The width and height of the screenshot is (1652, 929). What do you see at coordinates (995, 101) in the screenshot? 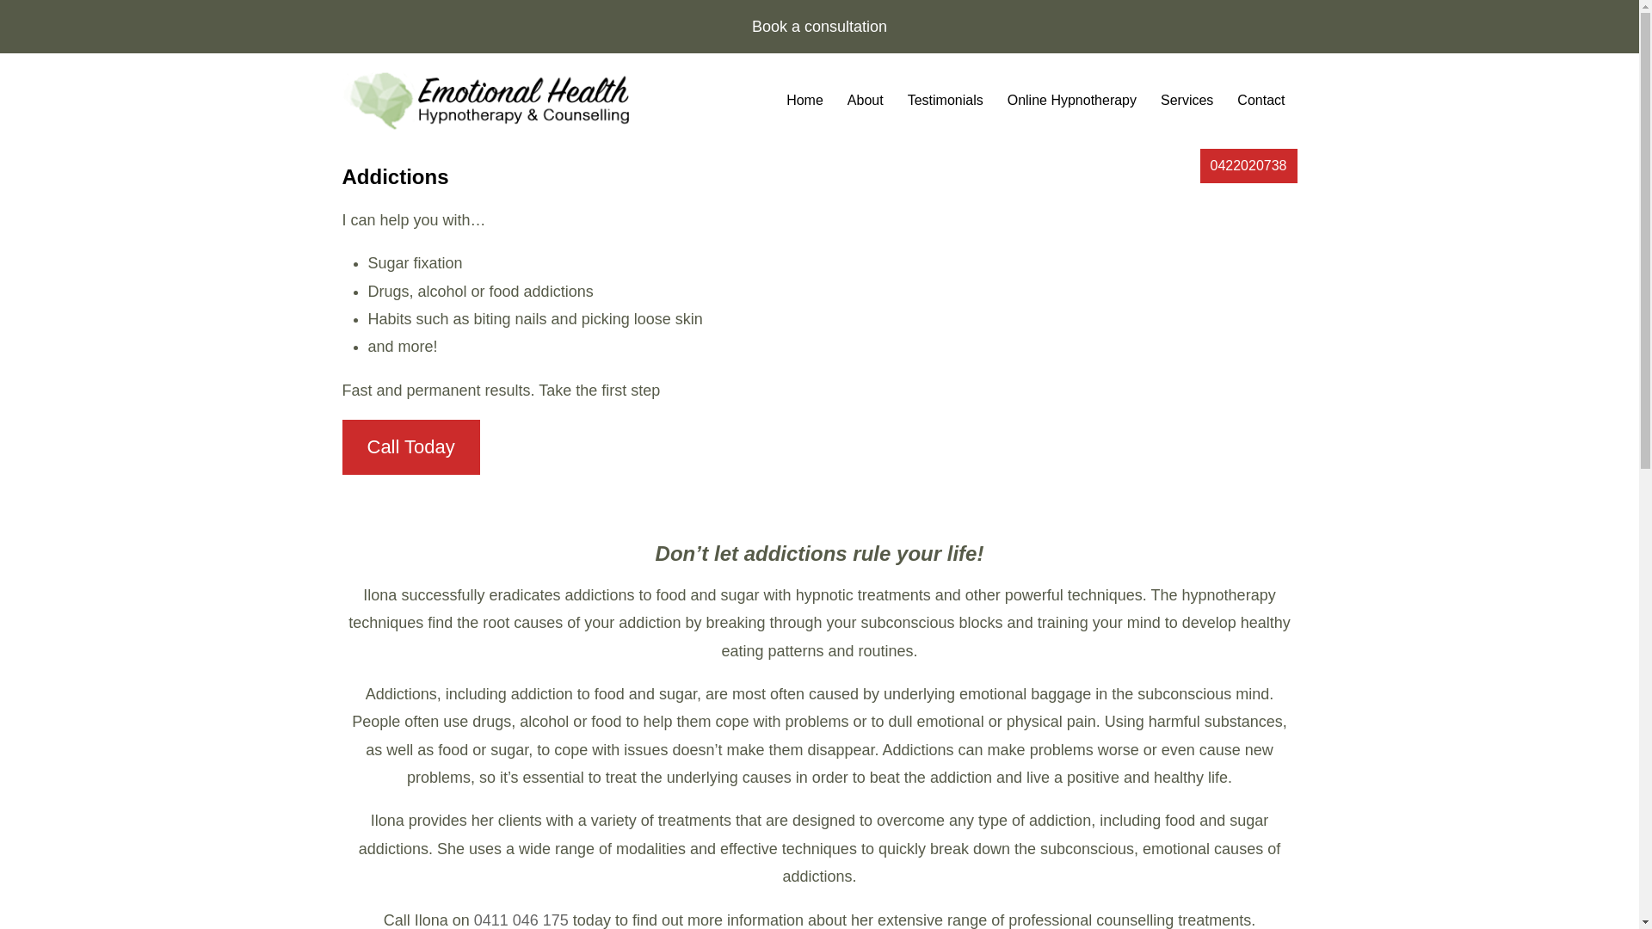
I see `'Online Hypnotherapy'` at bounding box center [995, 101].